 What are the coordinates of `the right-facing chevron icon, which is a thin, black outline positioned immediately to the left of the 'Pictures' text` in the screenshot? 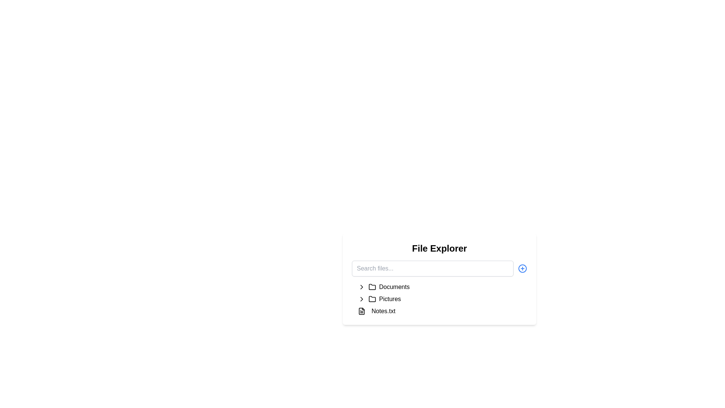 It's located at (361, 298).